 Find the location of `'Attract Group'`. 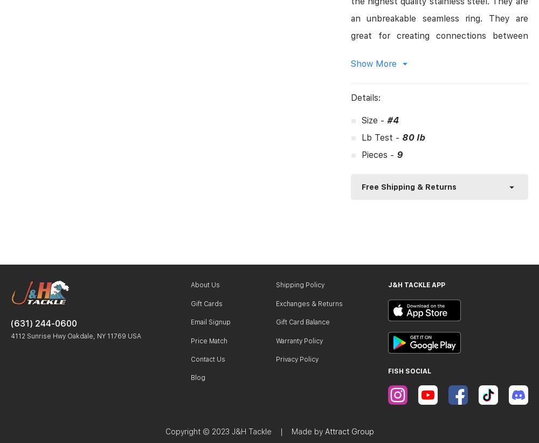

'Attract Group' is located at coordinates (349, 431).